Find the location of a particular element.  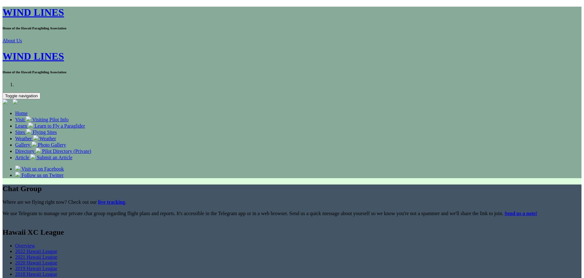

'Chat Group' is located at coordinates (21, 188).